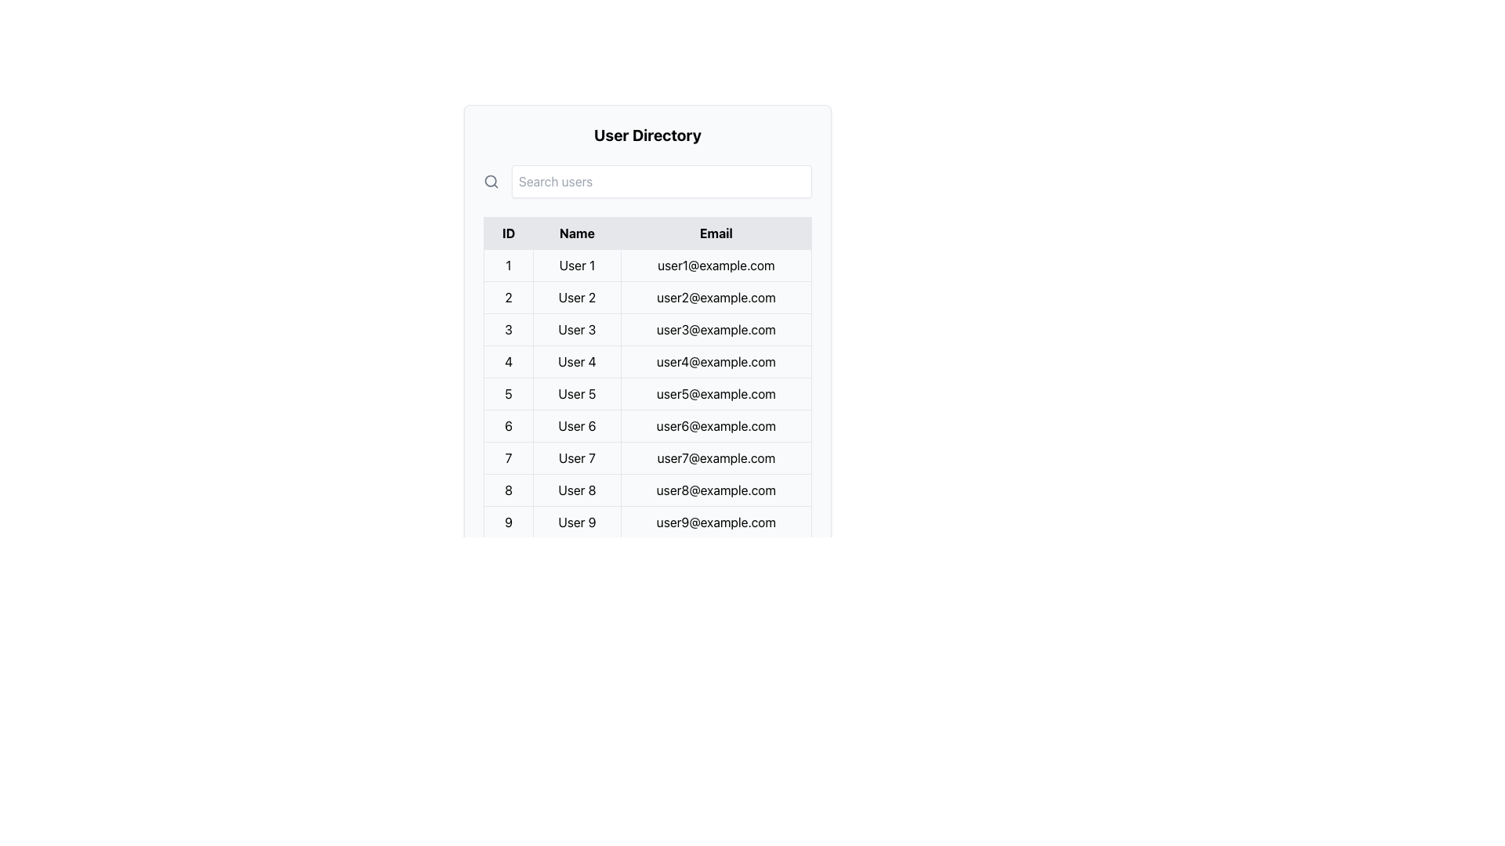  I want to click on the leftmost cell in the eighth row of the table to highlight the entire row, so click(508, 489).